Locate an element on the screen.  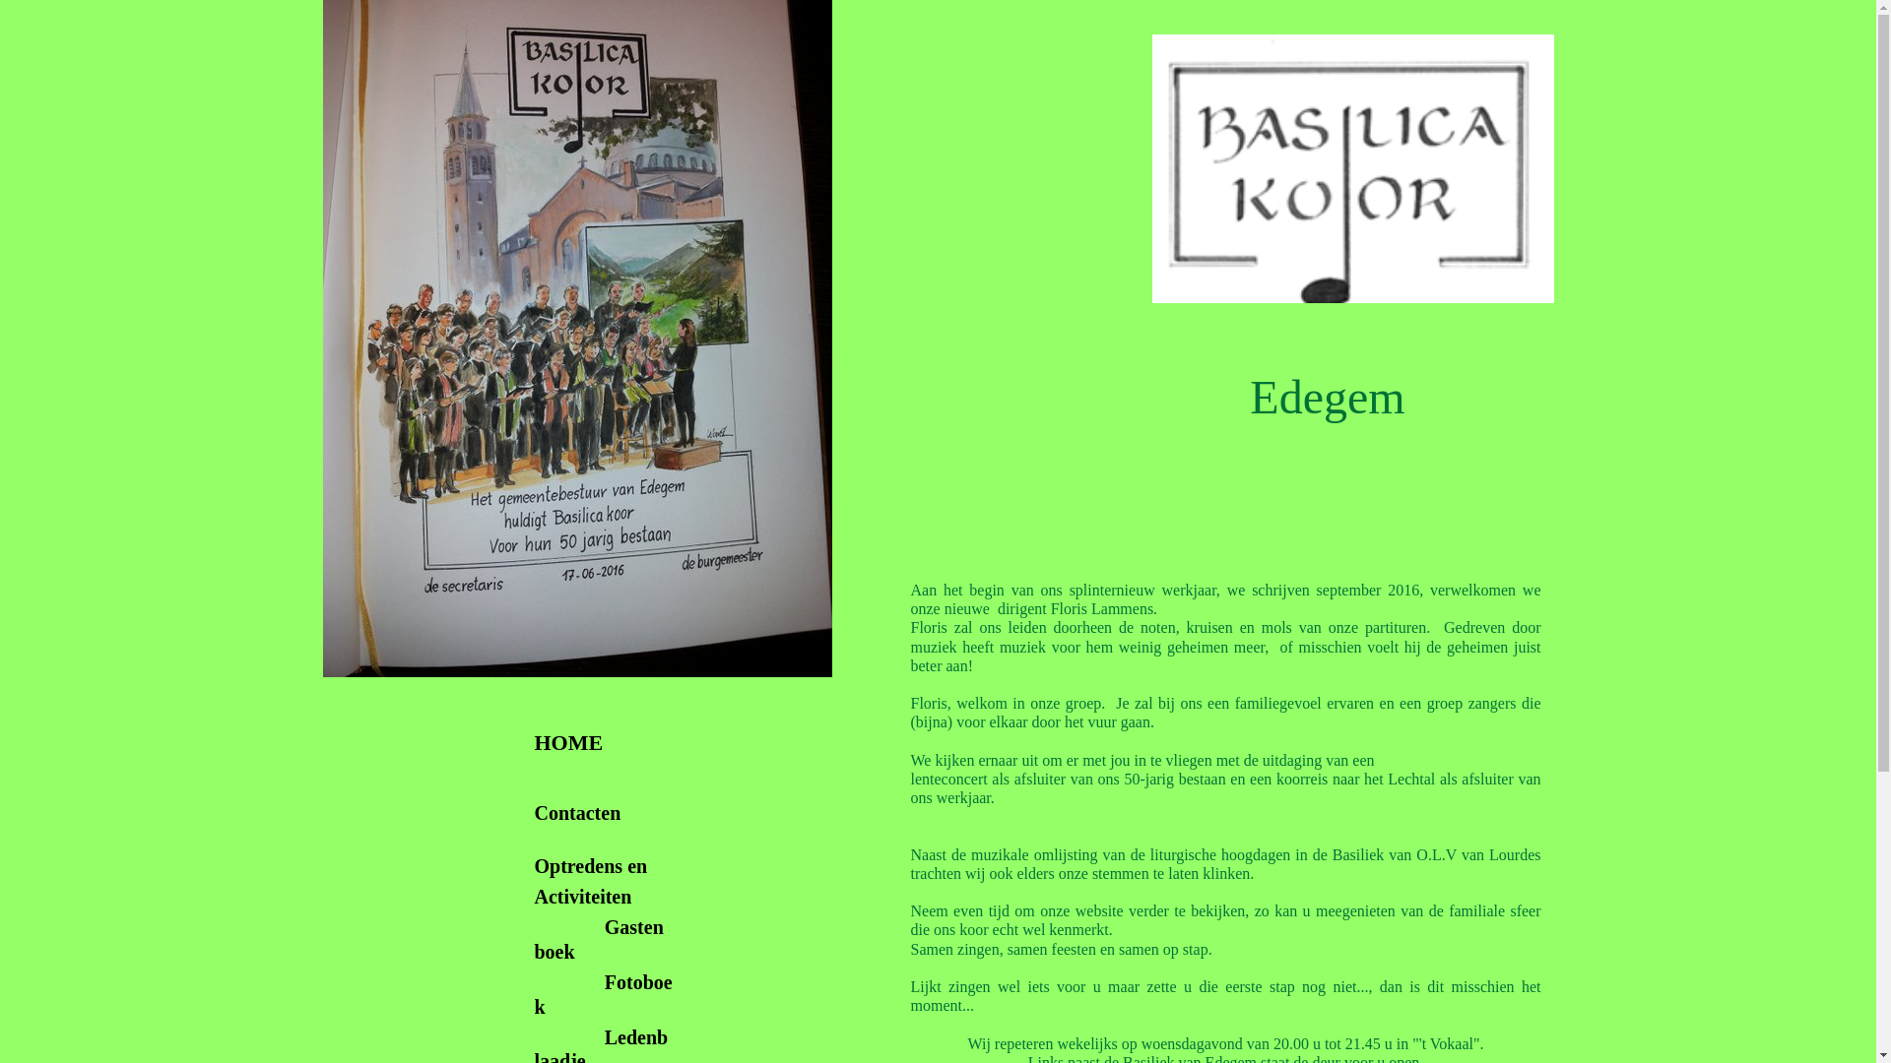
'Activiteiten' is located at coordinates (581, 900).